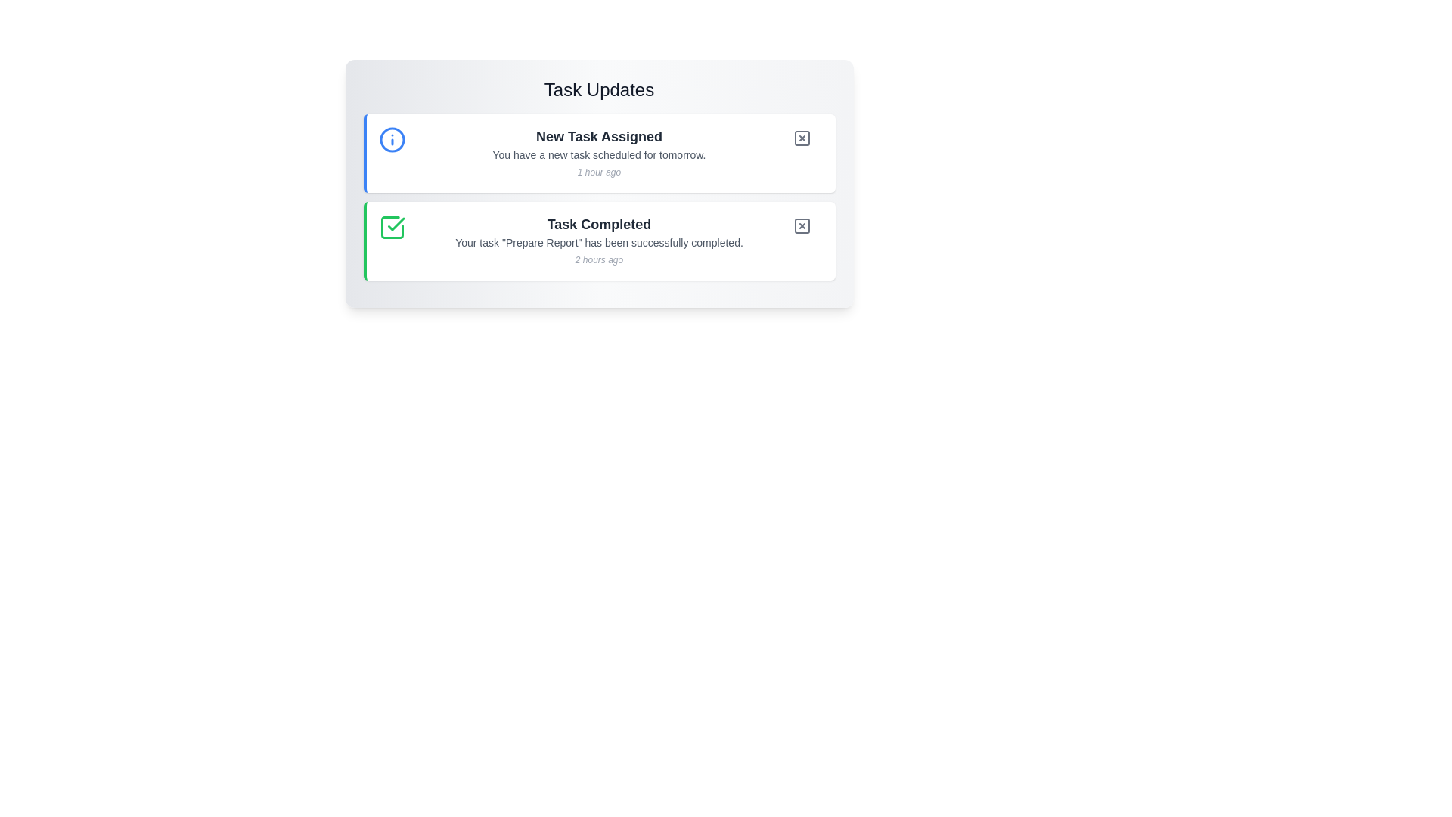 This screenshot has width=1452, height=817. I want to click on text label that indicates when the associated notification was created or updated, located at the bottom-right area of the 'New Task Assigned' notification box, so click(598, 171).